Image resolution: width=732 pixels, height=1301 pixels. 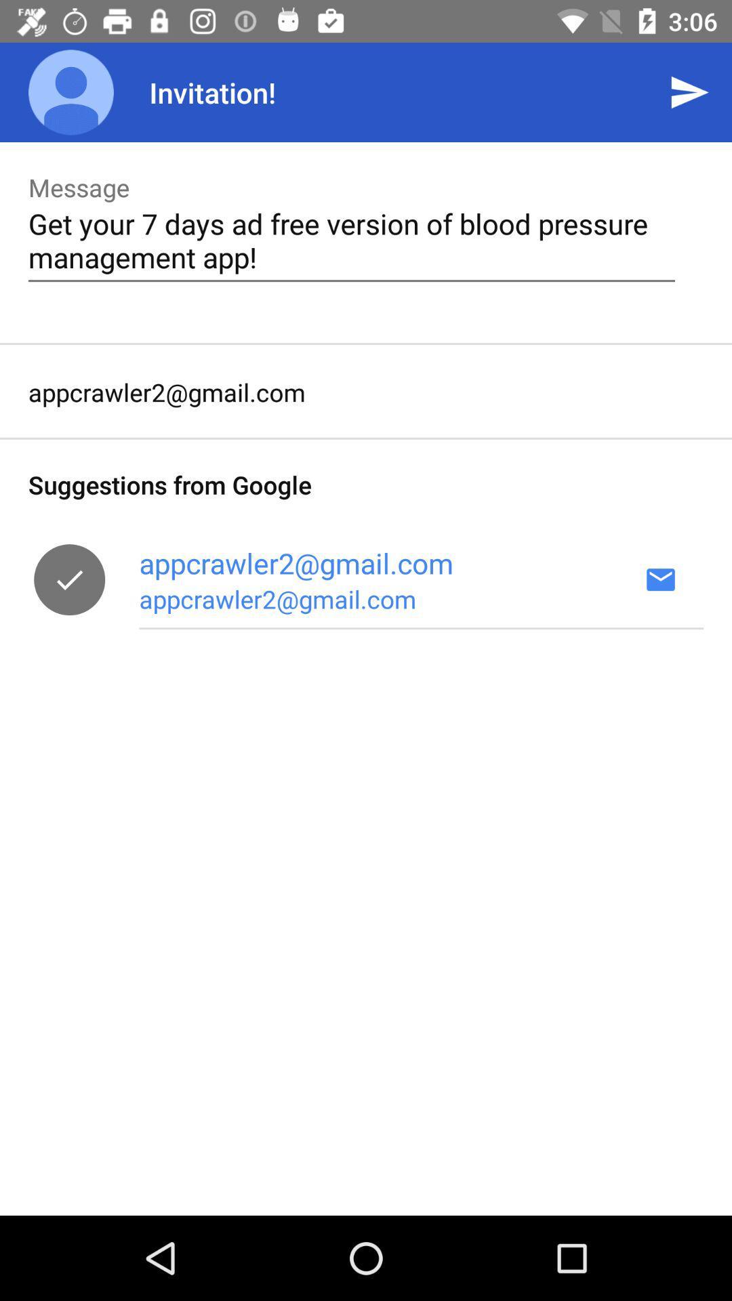 I want to click on the get your 7, so click(x=351, y=240).